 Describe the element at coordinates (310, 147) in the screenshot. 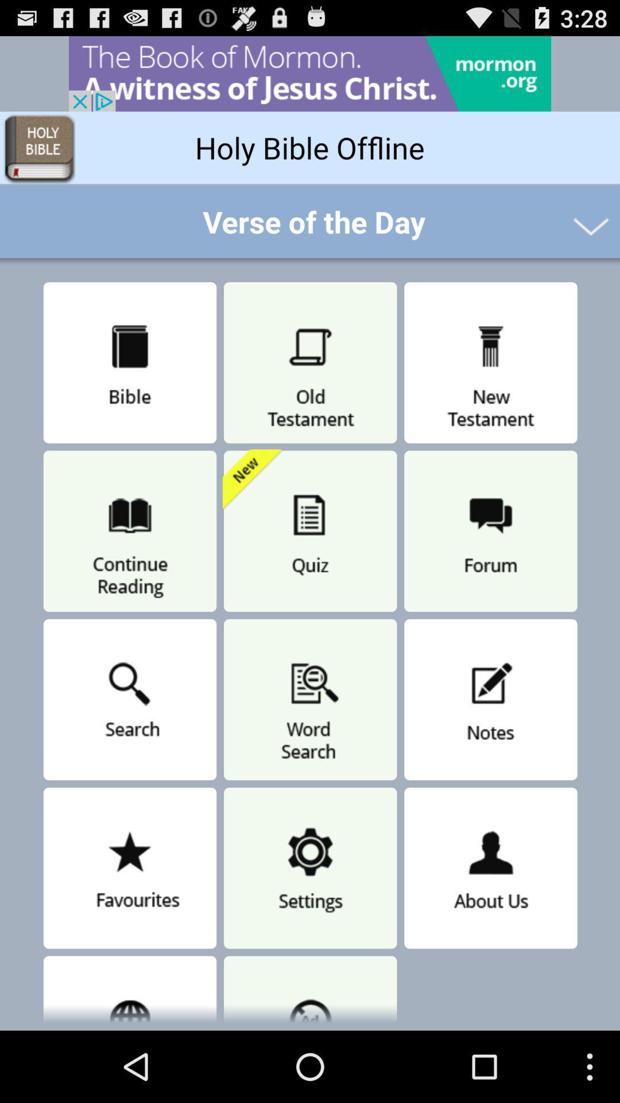

I see `holy bible offline button` at that location.